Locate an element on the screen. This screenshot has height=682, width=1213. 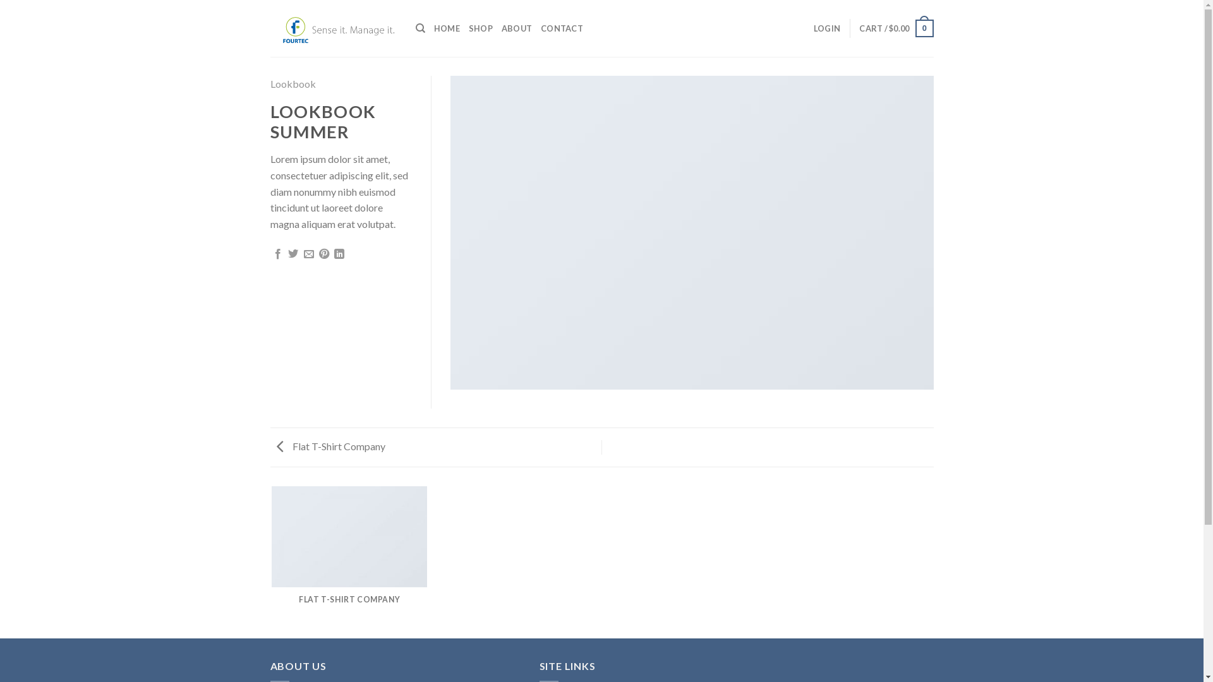
'Email to a Friend' is located at coordinates (309, 254).